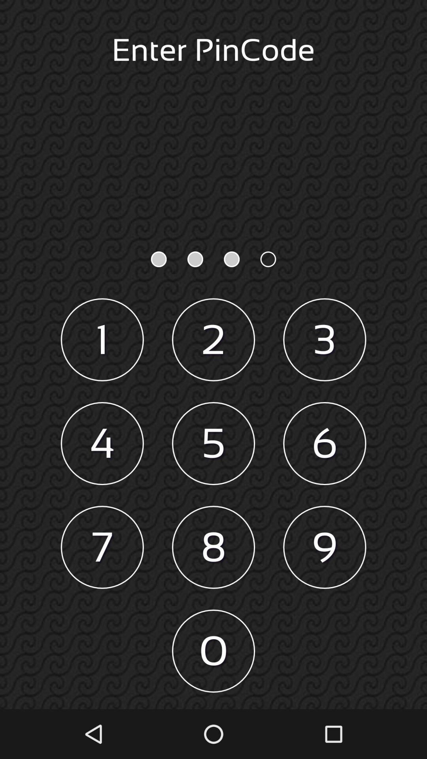  I want to click on item next to the 8 item, so click(102, 547).